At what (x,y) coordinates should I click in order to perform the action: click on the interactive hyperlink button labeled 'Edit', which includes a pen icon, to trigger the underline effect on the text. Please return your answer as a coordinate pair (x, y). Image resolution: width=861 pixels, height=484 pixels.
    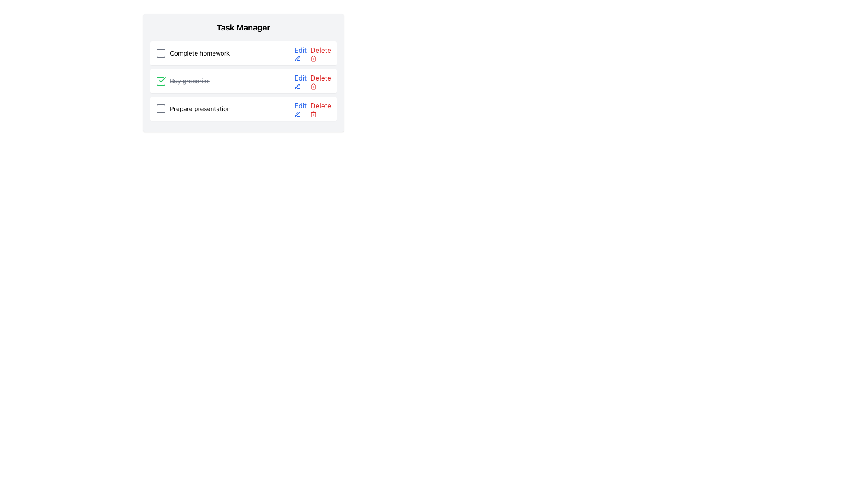
    Looking at the image, I should click on (300, 108).